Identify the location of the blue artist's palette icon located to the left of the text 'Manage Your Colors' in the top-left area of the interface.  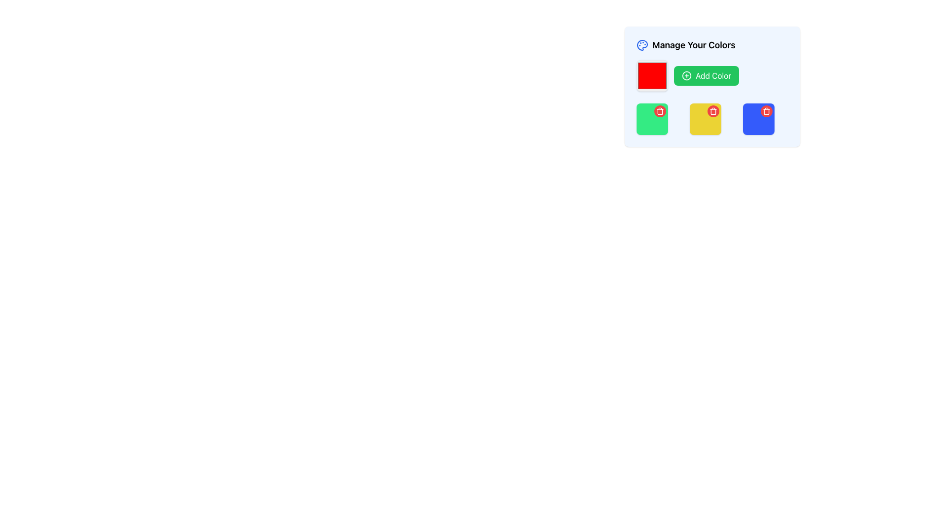
(642, 45).